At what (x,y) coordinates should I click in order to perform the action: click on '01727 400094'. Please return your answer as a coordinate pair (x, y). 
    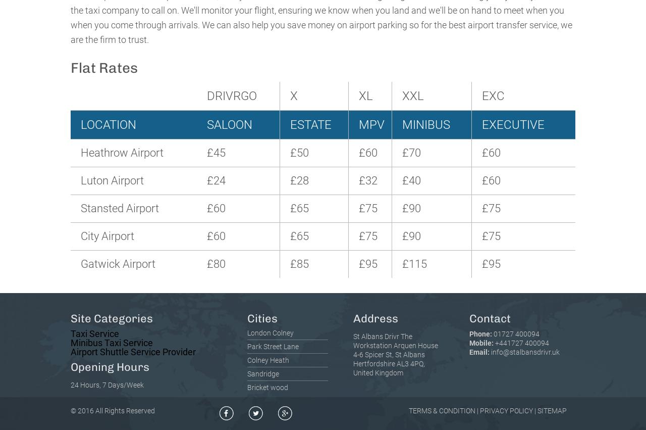
    Looking at the image, I should click on (516, 333).